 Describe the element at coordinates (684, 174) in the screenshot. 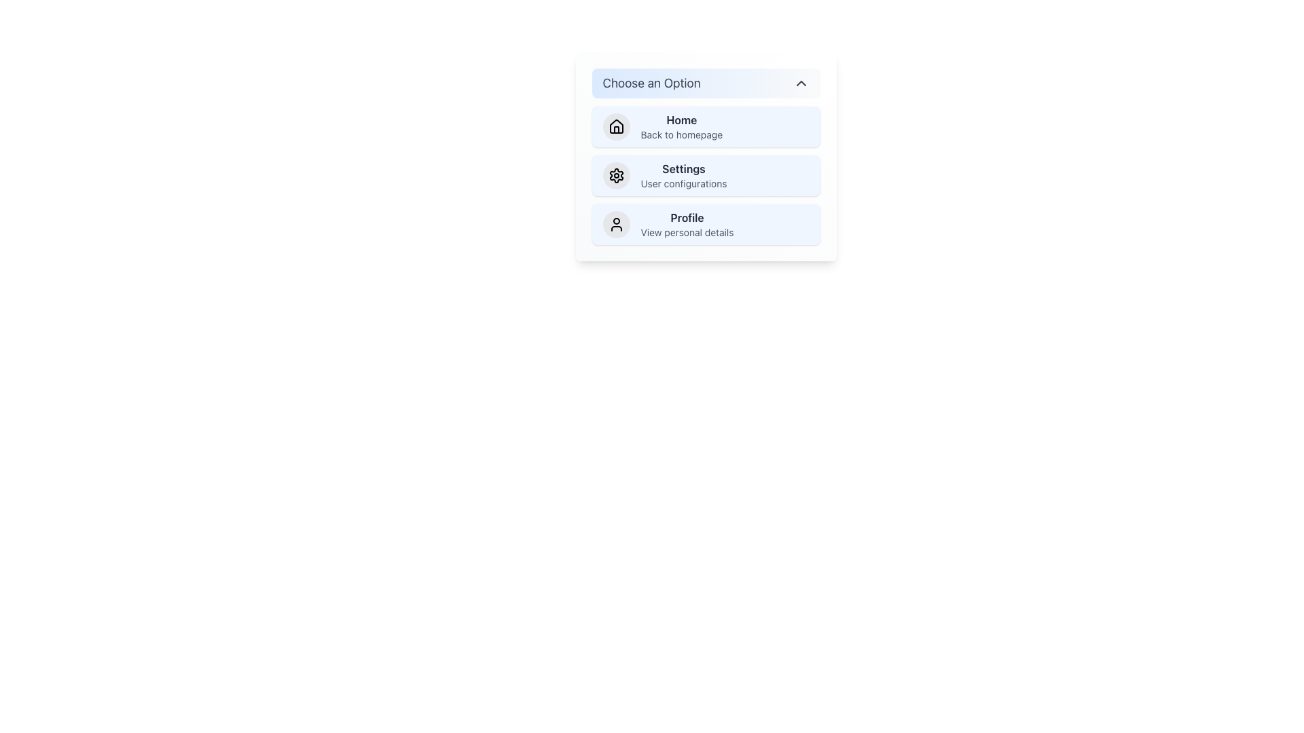

I see `the 'Settings' text label in the menu` at that location.